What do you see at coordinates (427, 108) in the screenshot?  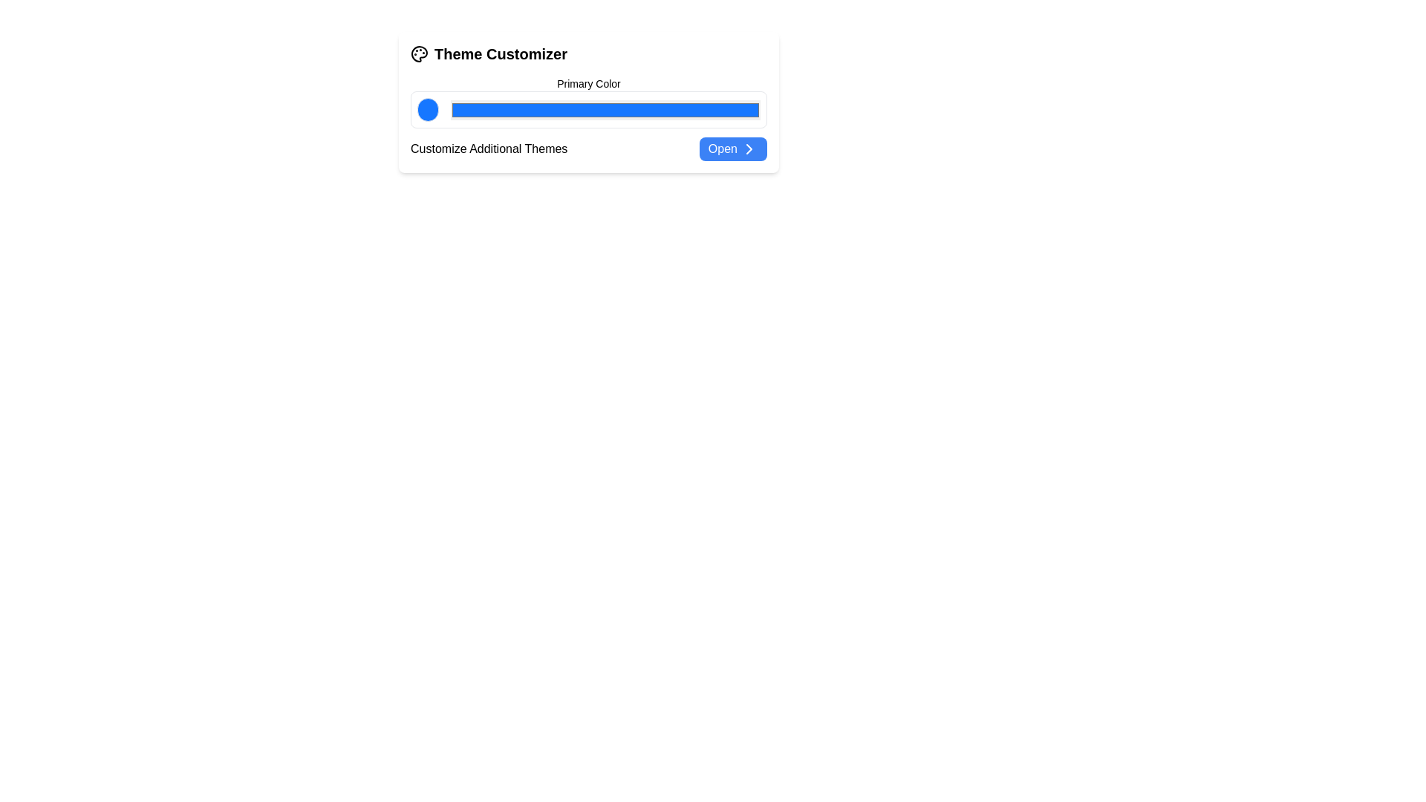 I see `the Circular UI decoration or color selection indicator located to the left of the color picker input field near the 'Theme Customizer' title` at bounding box center [427, 108].